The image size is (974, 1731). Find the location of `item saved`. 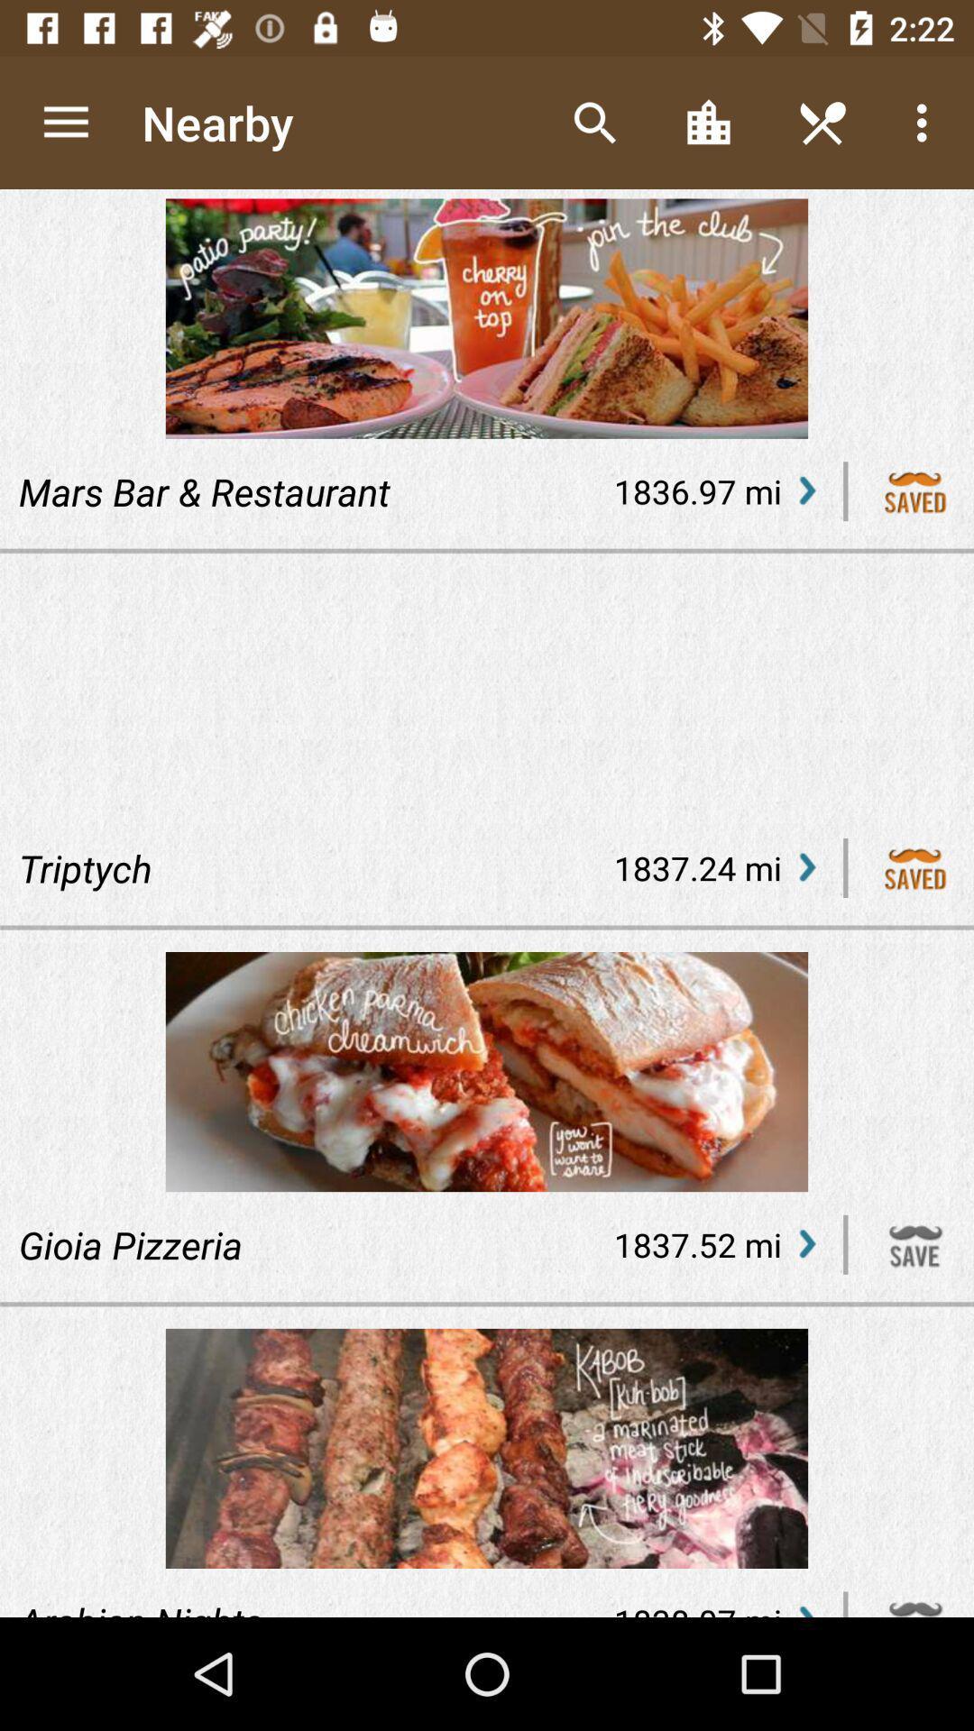

item saved is located at coordinates (915, 491).